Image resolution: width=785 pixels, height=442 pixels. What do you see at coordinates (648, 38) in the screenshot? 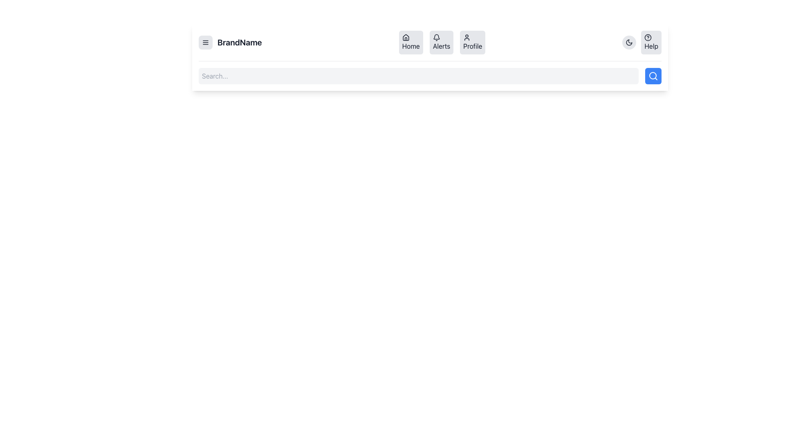
I see `the decorative circular SVG element located within the header section, near the labeled 'Help' button` at bounding box center [648, 38].